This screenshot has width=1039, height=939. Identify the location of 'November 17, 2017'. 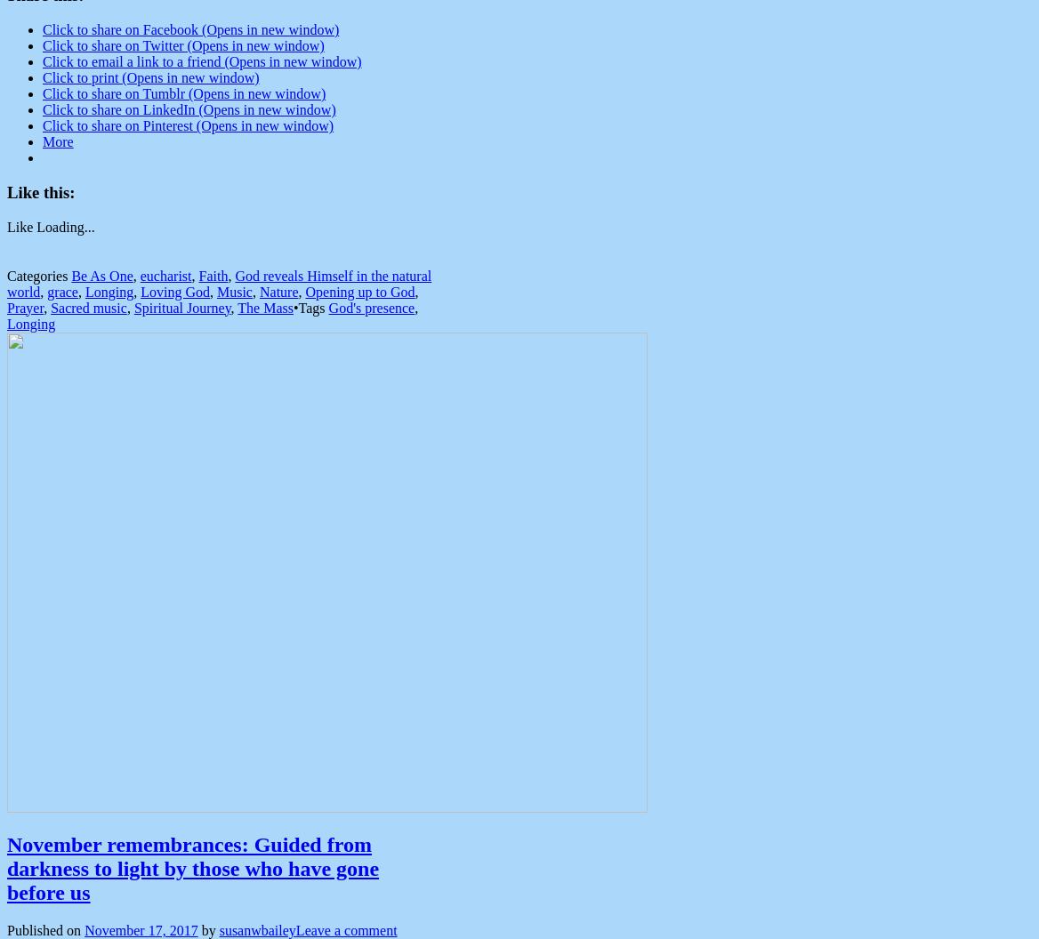
(141, 929).